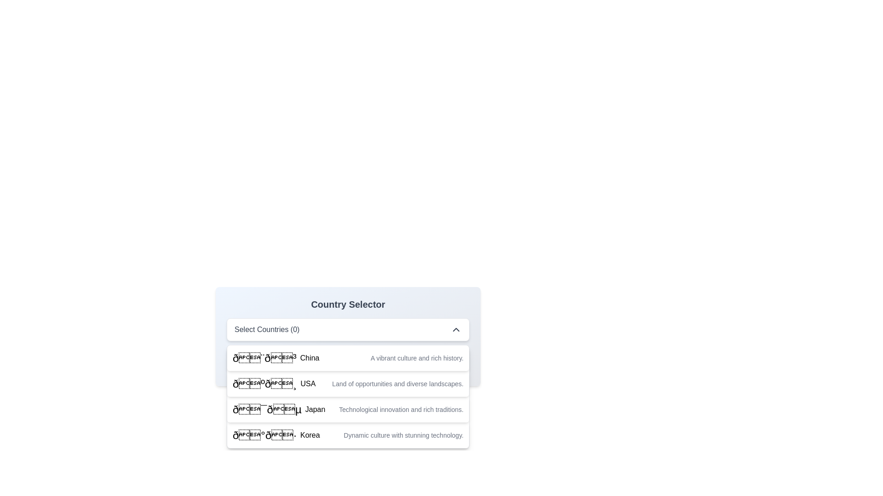  I want to click on the Text label containing the emoji flag symbol and the text 'Japan', so click(278, 409).